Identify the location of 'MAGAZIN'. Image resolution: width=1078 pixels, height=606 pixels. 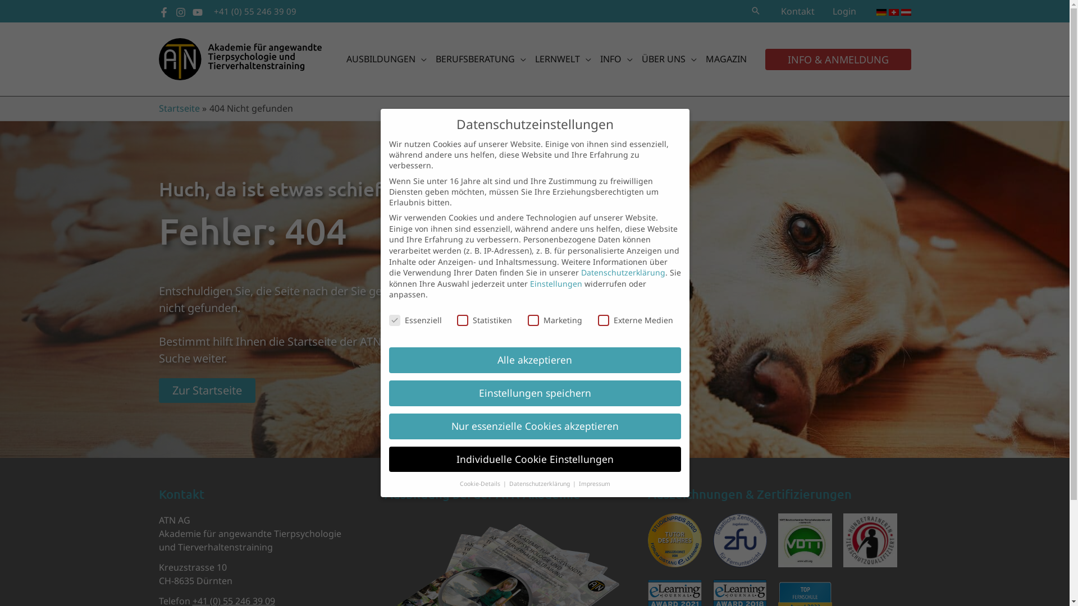
(700, 59).